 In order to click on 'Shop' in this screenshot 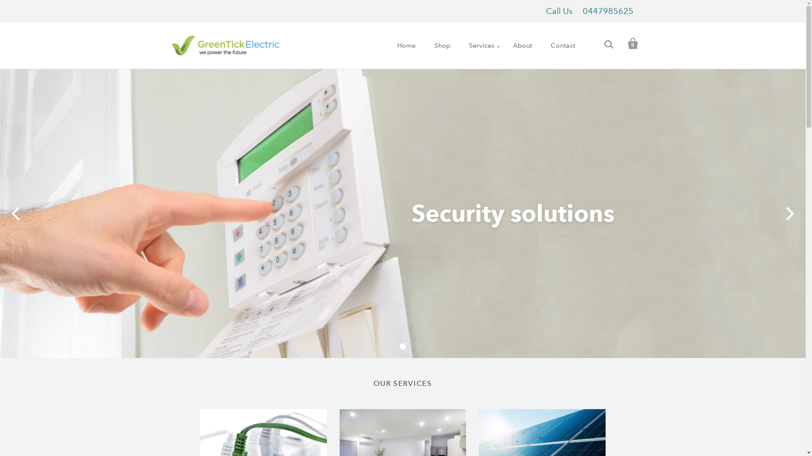, I will do `click(442, 45)`.